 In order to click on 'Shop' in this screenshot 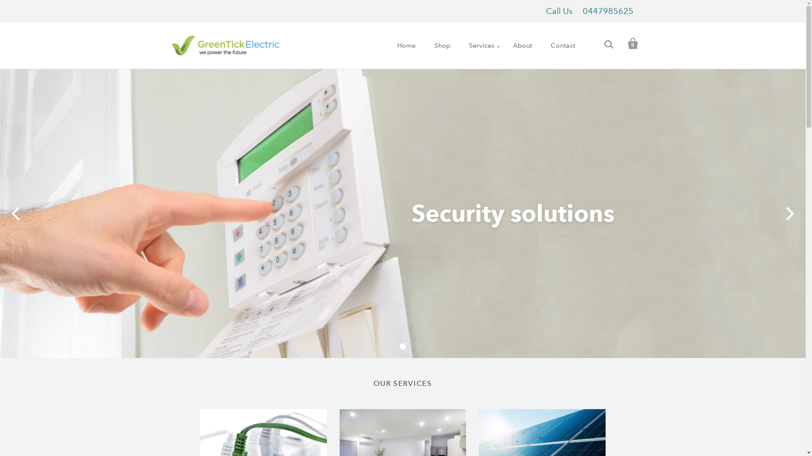, I will do `click(442, 45)`.